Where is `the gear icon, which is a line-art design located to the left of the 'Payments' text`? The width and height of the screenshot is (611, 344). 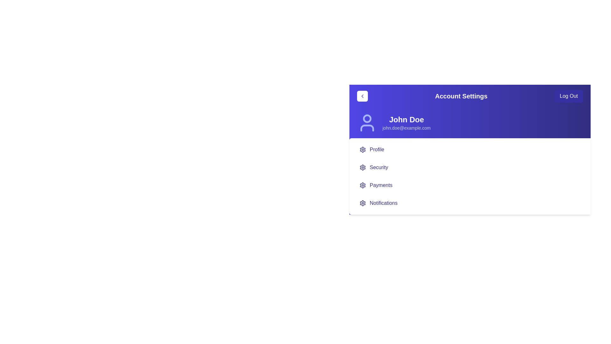 the gear icon, which is a line-art design located to the left of the 'Payments' text is located at coordinates (363, 185).